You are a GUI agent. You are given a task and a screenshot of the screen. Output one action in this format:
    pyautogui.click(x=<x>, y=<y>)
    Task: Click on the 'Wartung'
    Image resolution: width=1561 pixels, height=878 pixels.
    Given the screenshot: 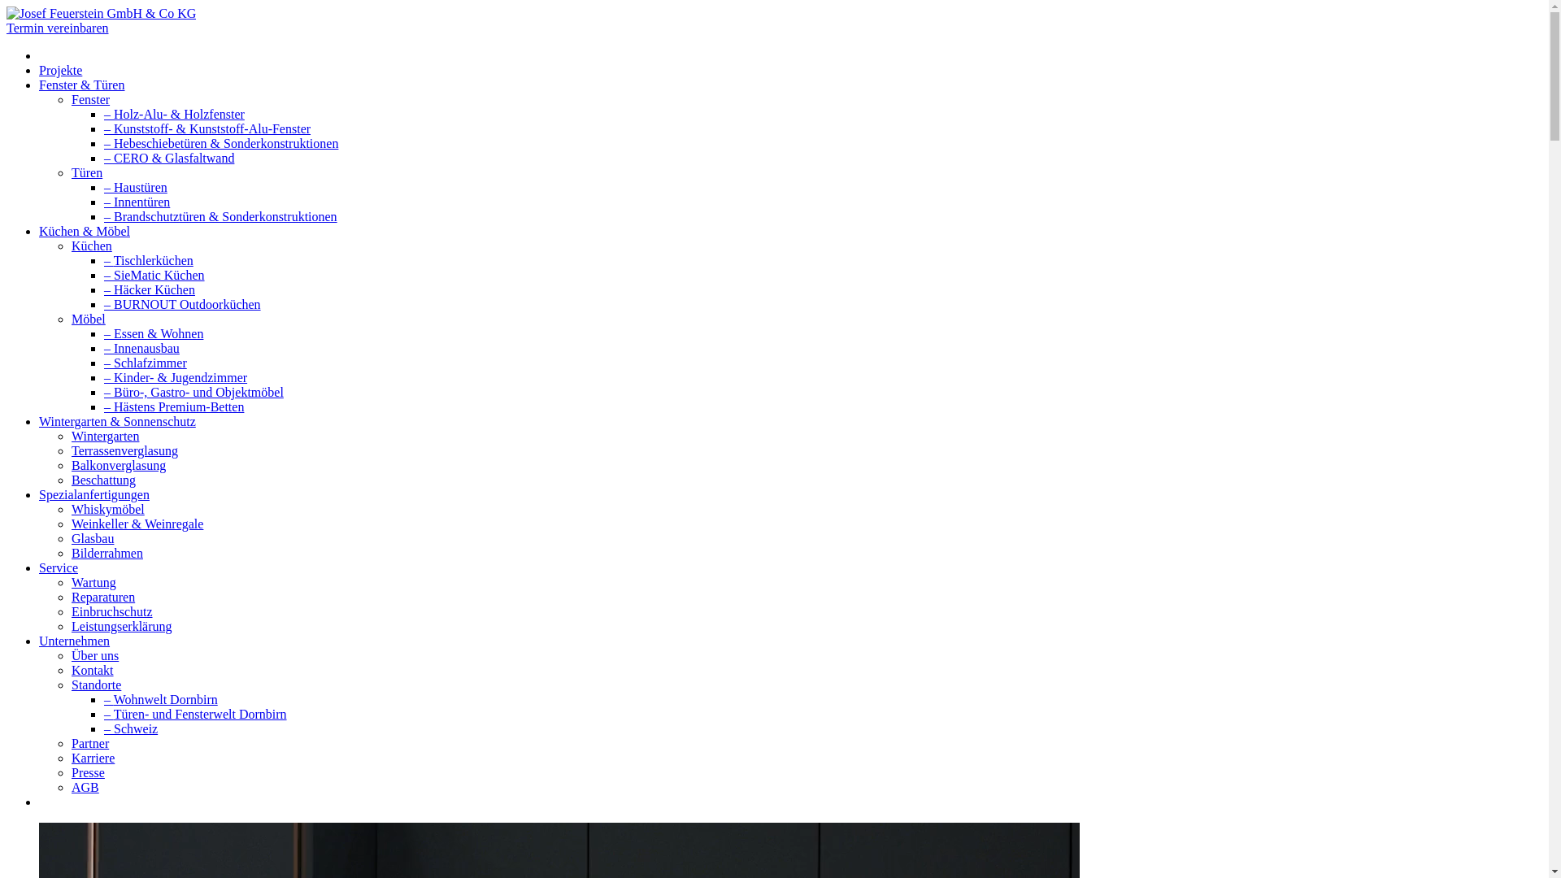 What is the action you would take?
    pyautogui.click(x=70, y=581)
    